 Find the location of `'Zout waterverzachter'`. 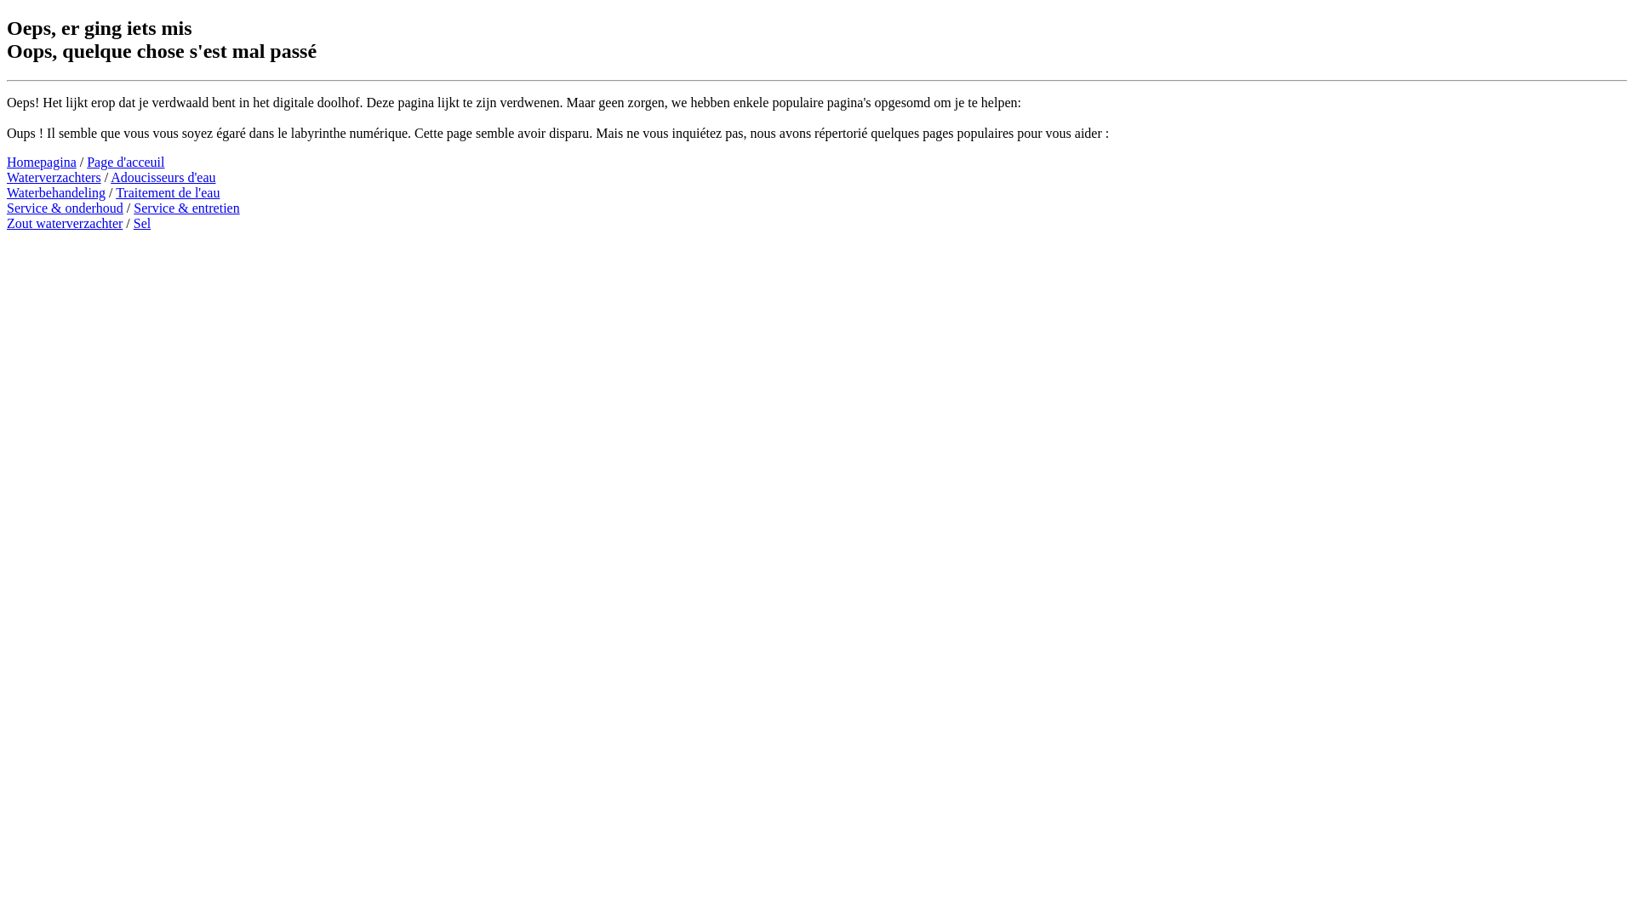

'Zout waterverzachter' is located at coordinates (65, 222).